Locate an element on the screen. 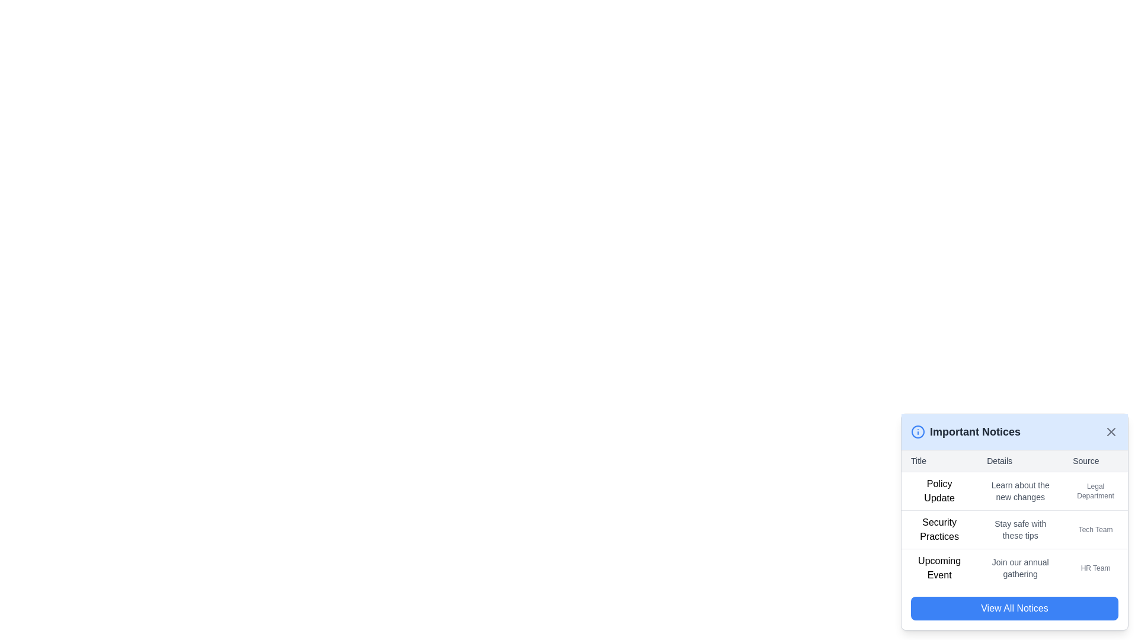 Image resolution: width=1138 pixels, height=640 pixels. the circular SVG Icon with a blue border located to the far left of the 'Important Notices' header section is located at coordinates (918, 432).